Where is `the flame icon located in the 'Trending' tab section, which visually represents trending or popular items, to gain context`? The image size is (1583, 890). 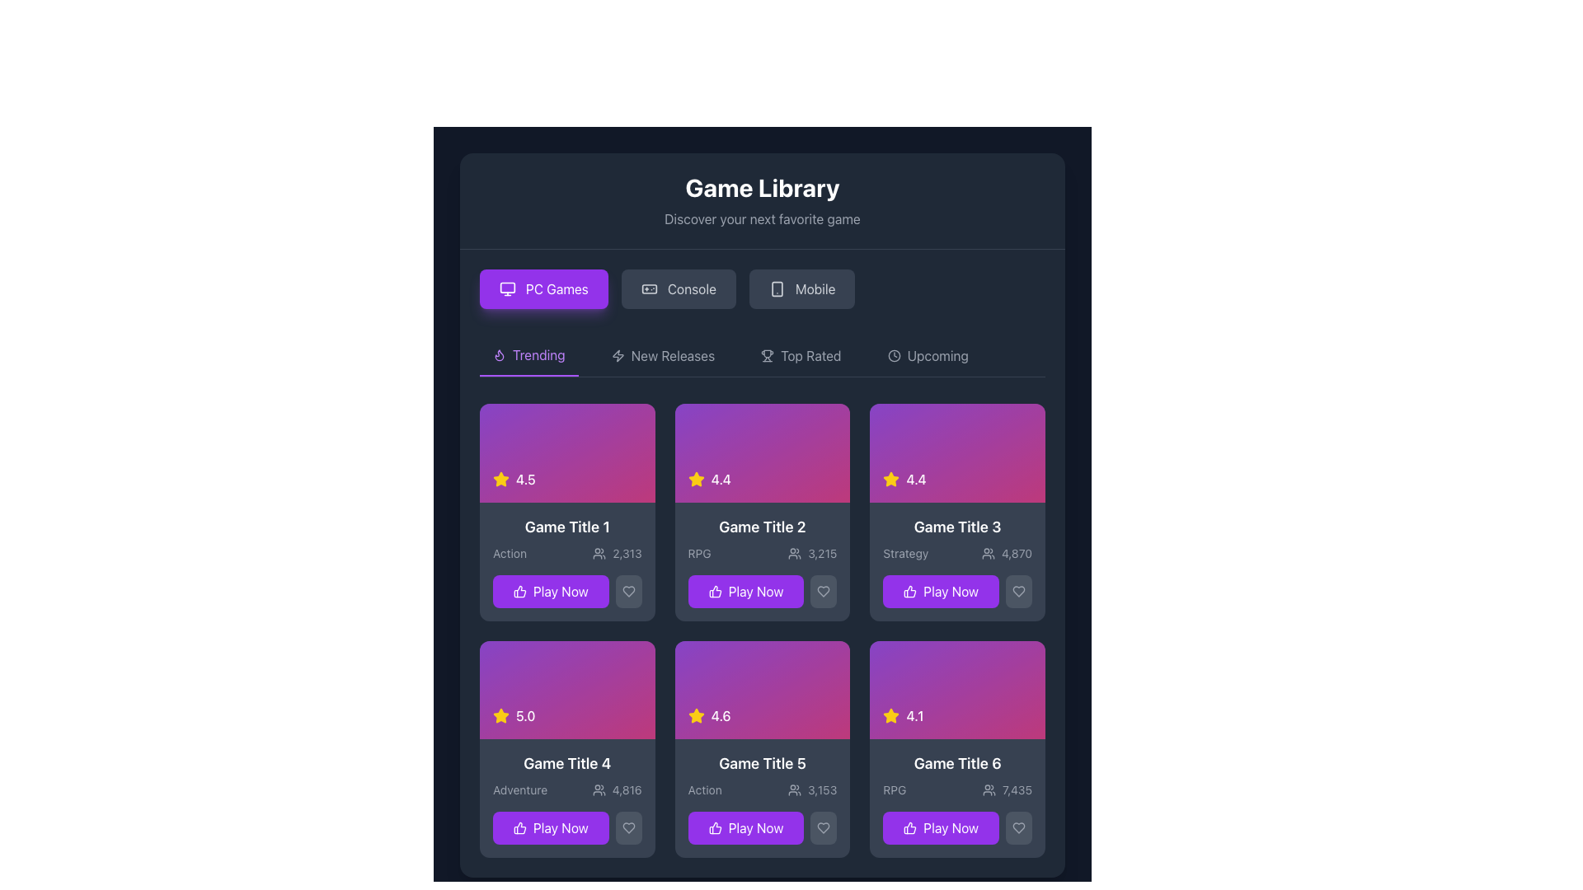
the flame icon located in the 'Trending' tab section, which visually represents trending or popular items, to gain context is located at coordinates (498, 354).